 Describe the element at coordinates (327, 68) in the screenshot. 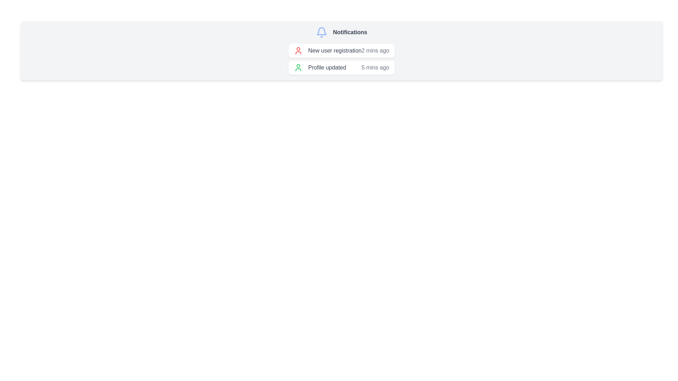

I see `the message displayed in the text label that reads 'Profile updated' on the second notification card in the notification panel` at that location.